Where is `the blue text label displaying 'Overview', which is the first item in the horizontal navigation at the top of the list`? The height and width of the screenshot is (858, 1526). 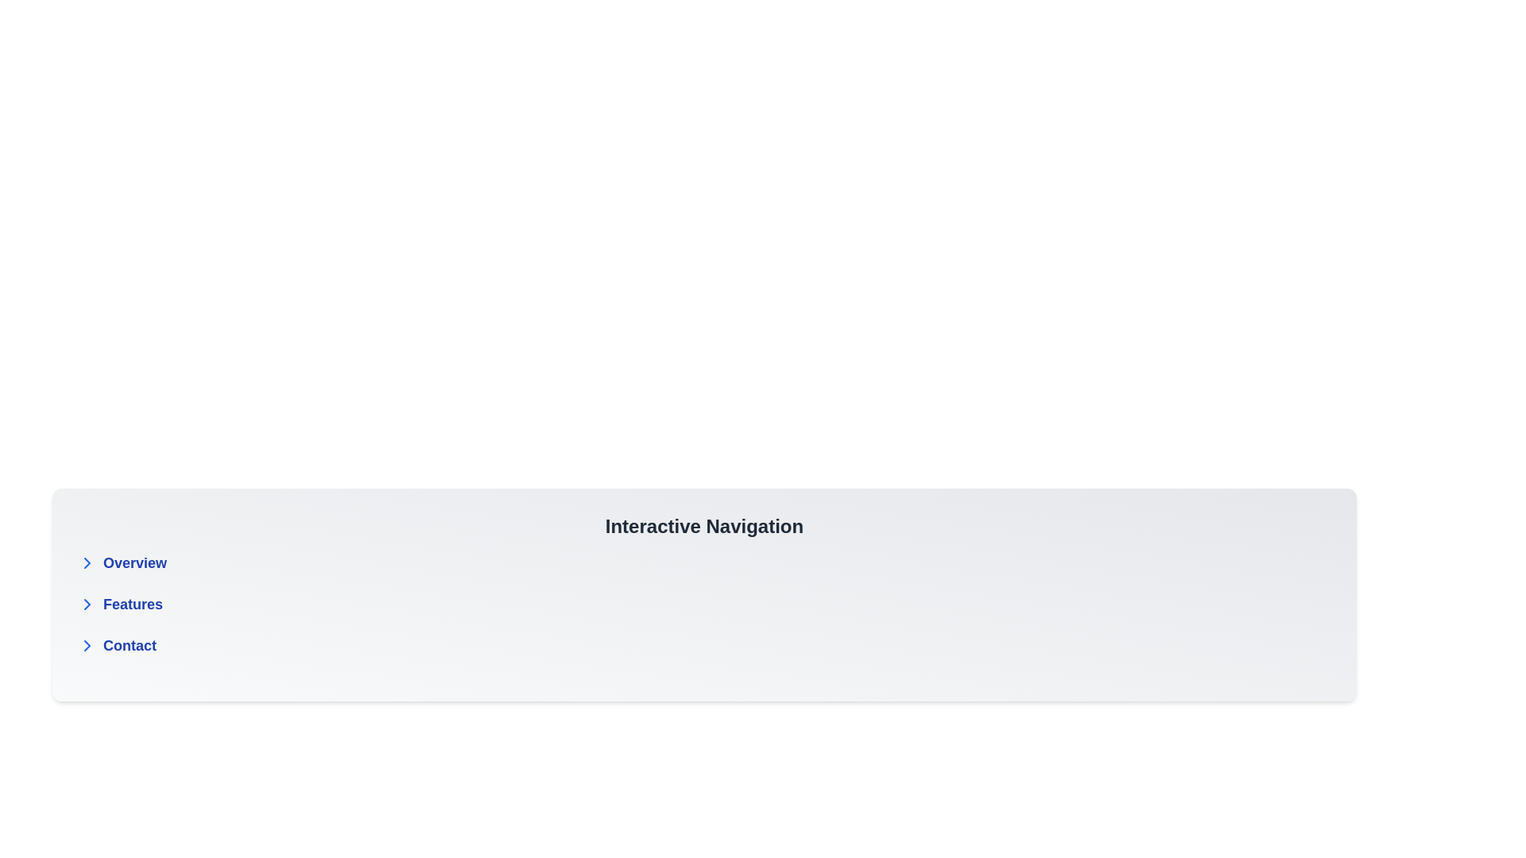
the blue text label displaying 'Overview', which is the first item in the horizontal navigation at the top of the list is located at coordinates (135, 562).